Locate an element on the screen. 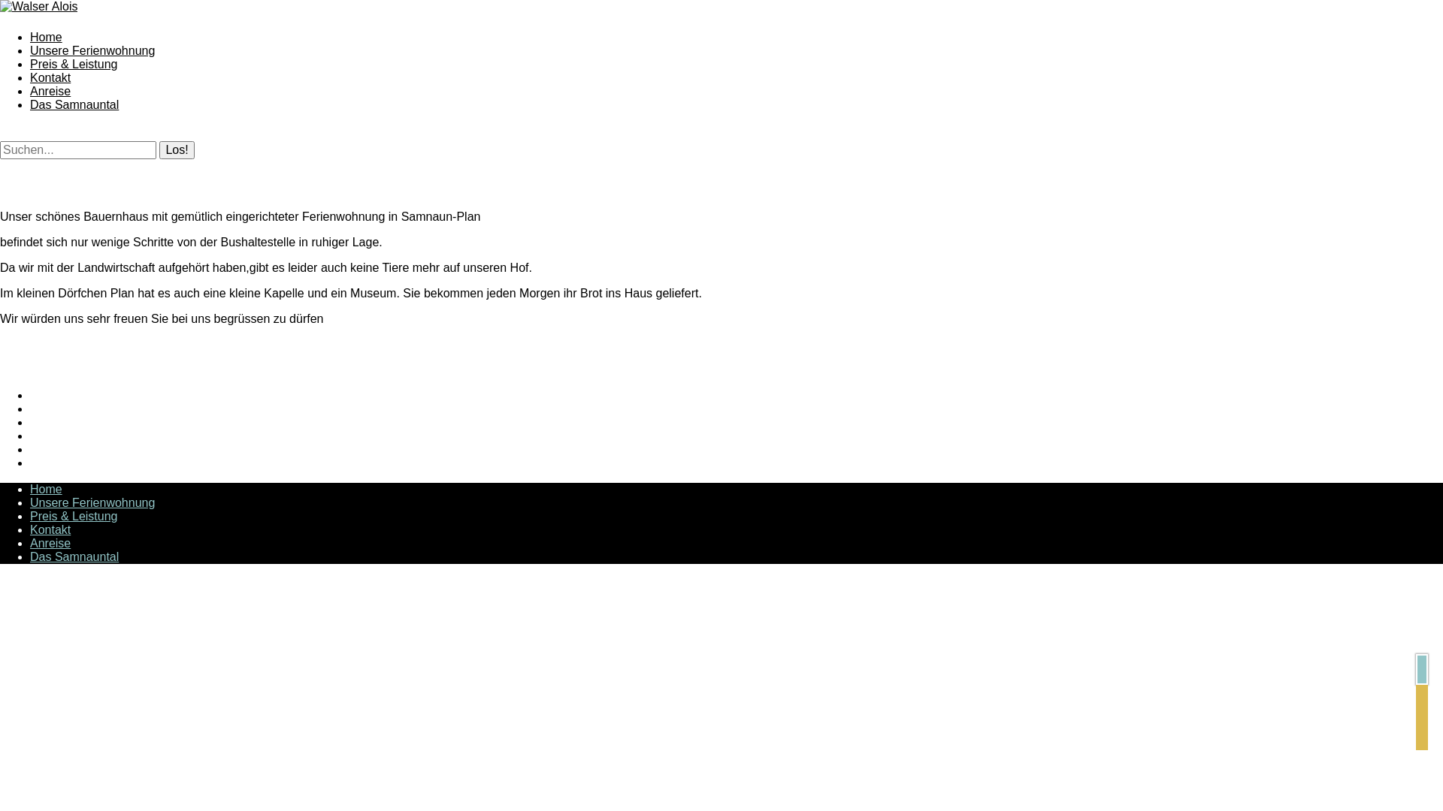 The image size is (1443, 811). 'Das Samnauntal' is located at coordinates (29, 104).